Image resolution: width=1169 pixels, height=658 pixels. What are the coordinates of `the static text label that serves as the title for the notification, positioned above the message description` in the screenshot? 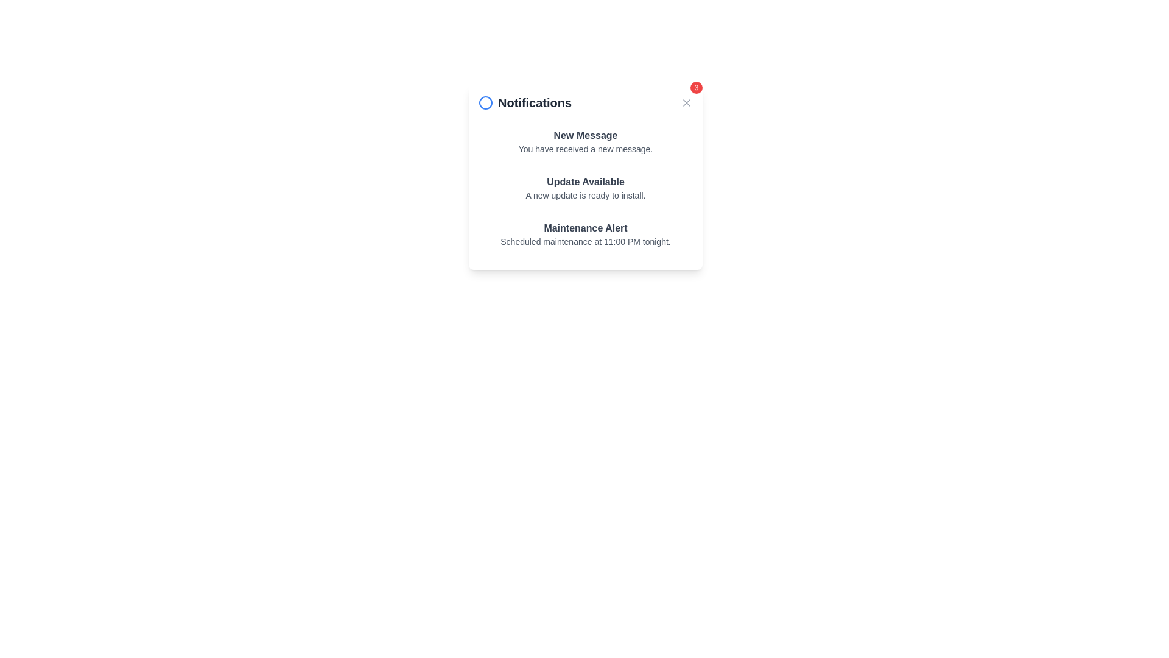 It's located at (585, 135).